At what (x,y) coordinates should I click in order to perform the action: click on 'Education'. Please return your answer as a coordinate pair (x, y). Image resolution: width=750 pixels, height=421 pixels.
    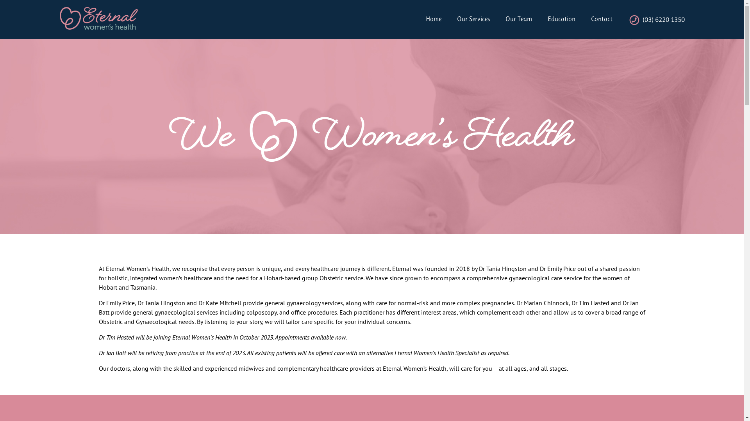
    Looking at the image, I should click on (553, 19).